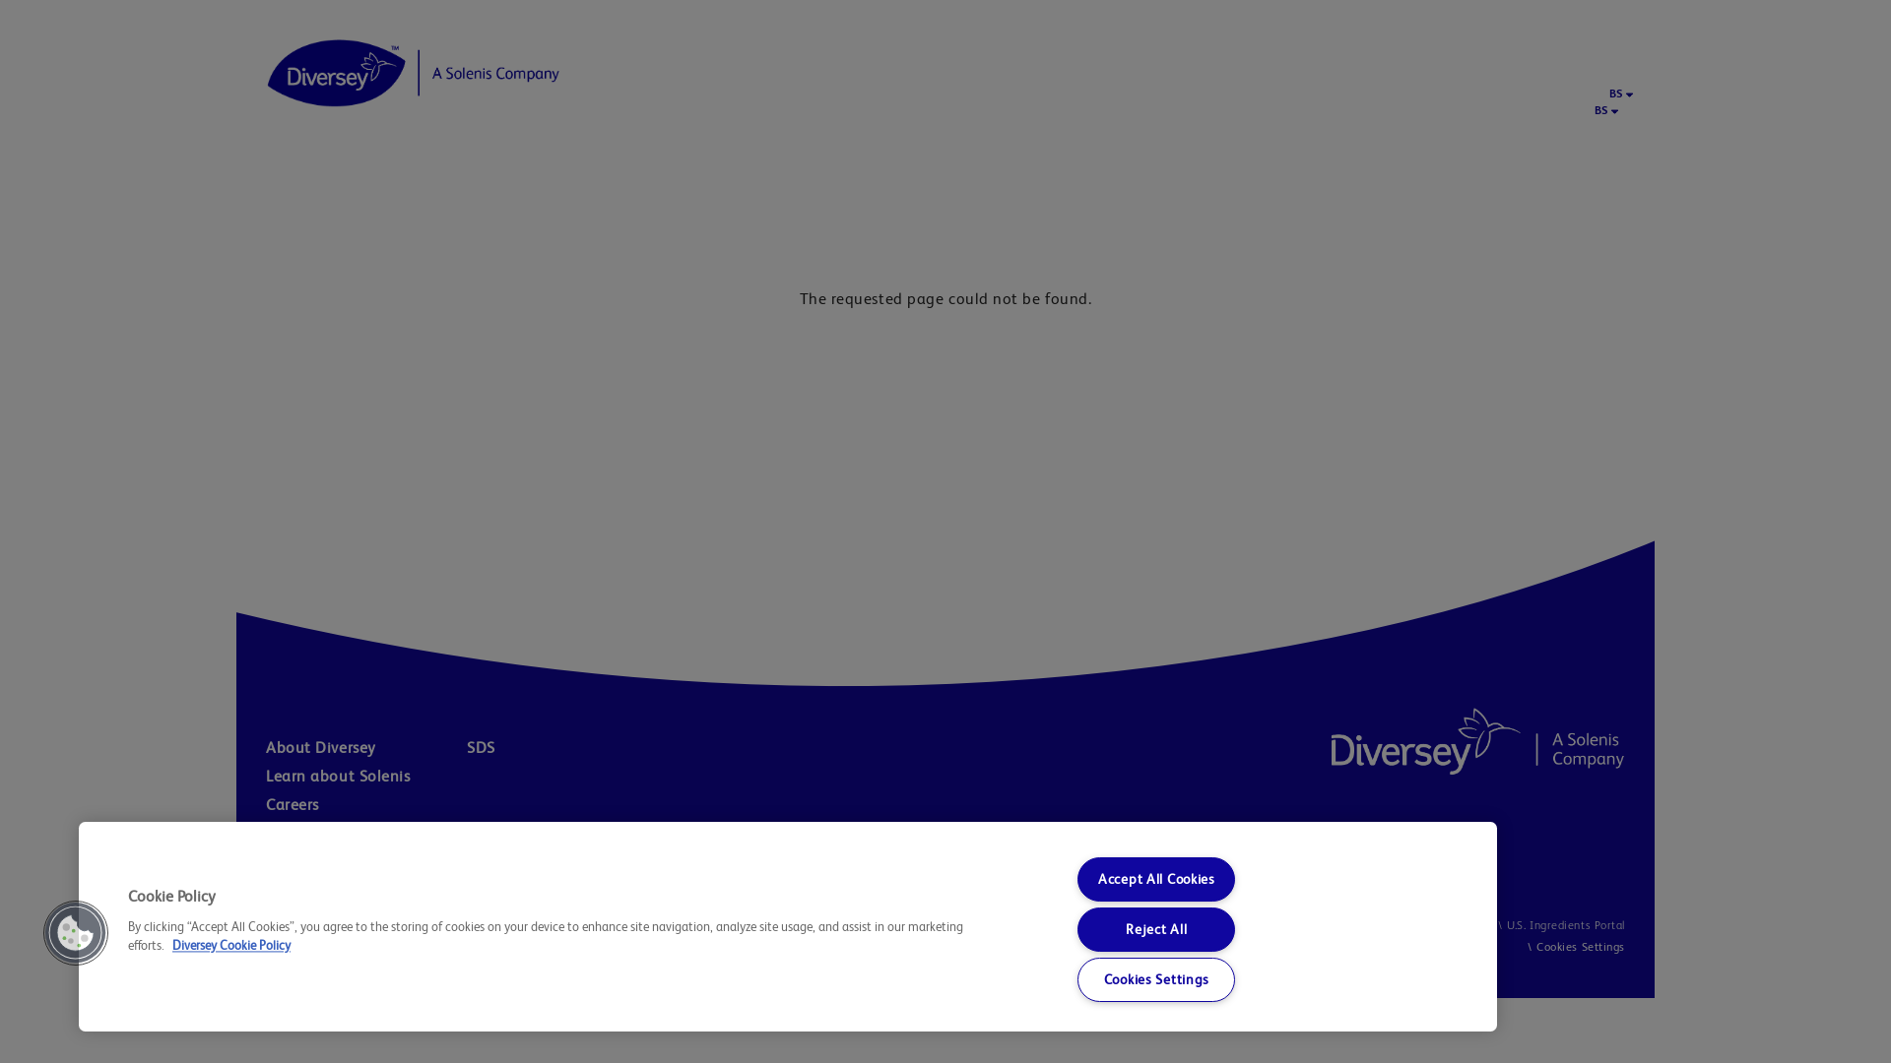 The height and width of the screenshot is (1063, 1891). Describe the element at coordinates (1493, 925) in the screenshot. I see `'U.S. Ingredients Portal'` at that location.